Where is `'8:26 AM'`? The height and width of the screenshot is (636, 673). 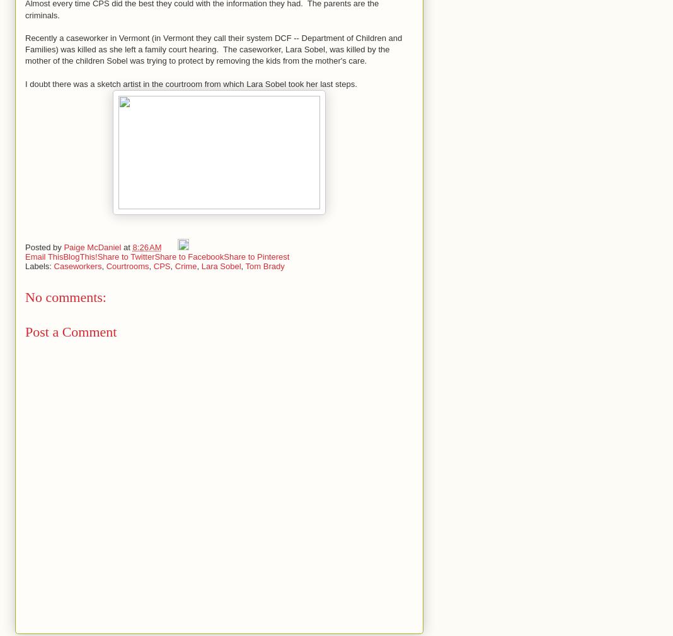
'8:26 AM' is located at coordinates (132, 246).